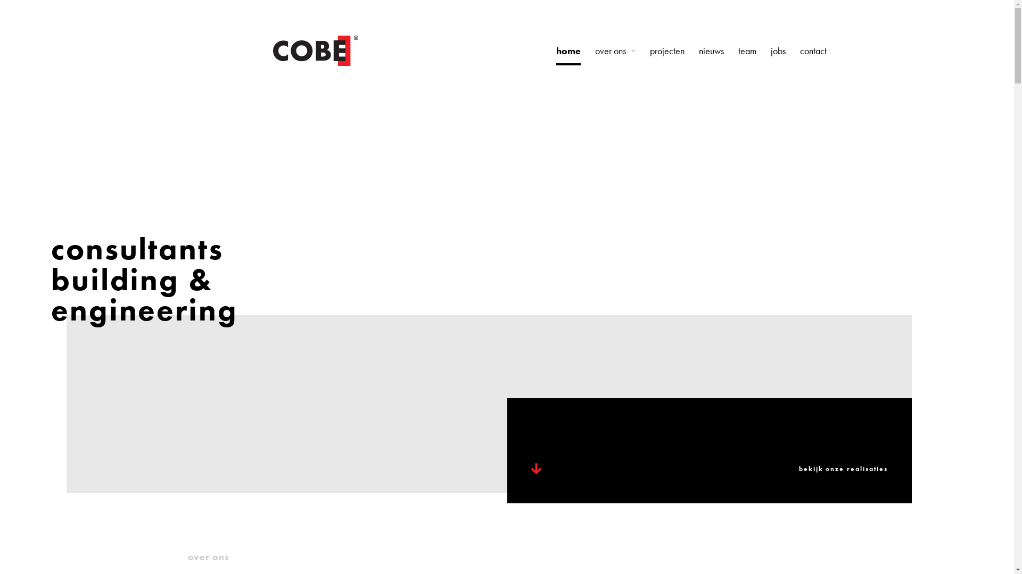 The image size is (1022, 574). I want to click on 'nieuws', so click(711, 51).